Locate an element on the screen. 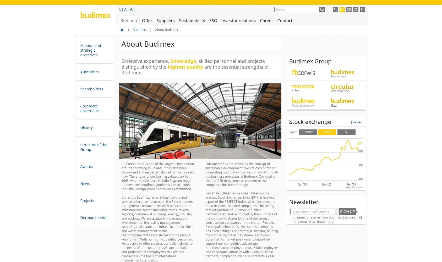 The height and width of the screenshot is (262, 442). 'Authorities' is located at coordinates (89, 72).